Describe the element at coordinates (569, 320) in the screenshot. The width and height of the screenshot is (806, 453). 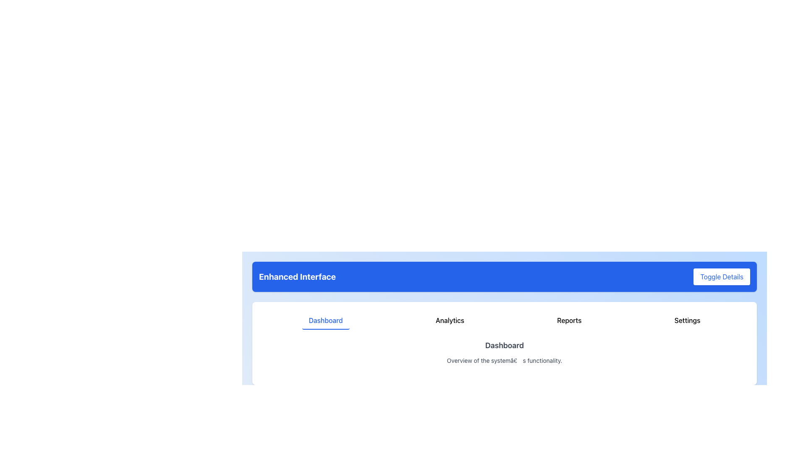
I see `the 'Reports' textual navigation link` at that location.